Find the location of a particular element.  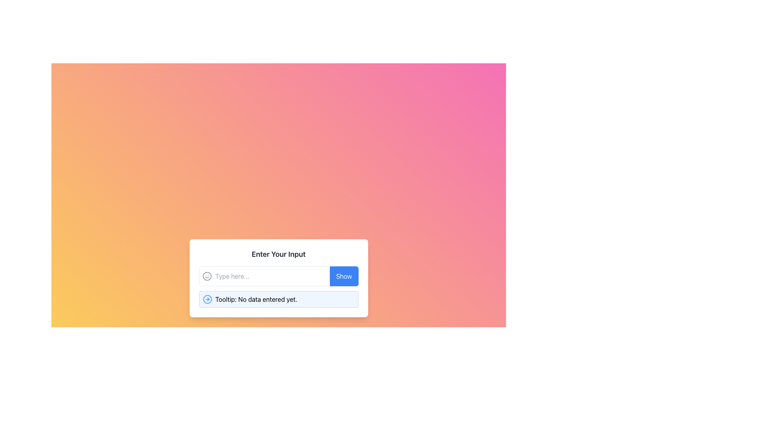

the circular icon featuring a rightward-pointing arrow inside, which is rendered with a blue hue and bordered by a blue circle, located to the left of the tooltip text 'Tooltip: No data entered yet.' is located at coordinates (207, 299).